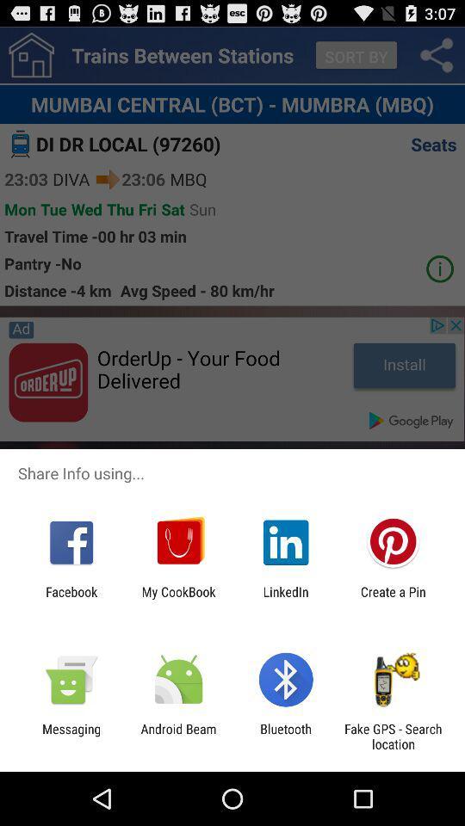  I want to click on the my cookbook item, so click(177, 599).